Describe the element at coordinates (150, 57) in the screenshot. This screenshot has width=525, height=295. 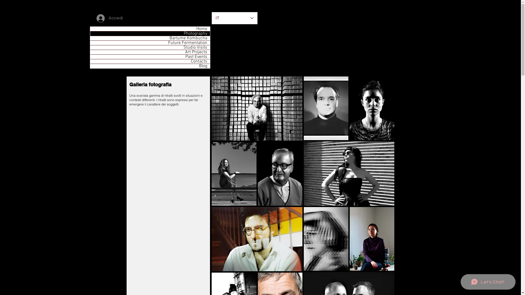
I see `'Past Events'` at that location.